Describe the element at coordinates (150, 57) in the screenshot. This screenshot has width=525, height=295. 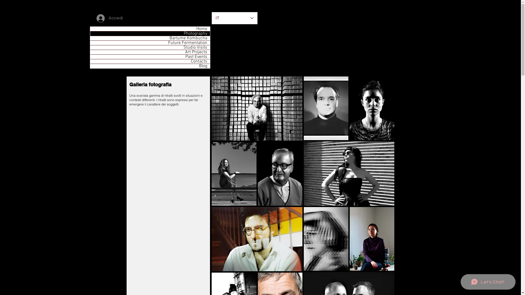
I see `'Past Events'` at that location.